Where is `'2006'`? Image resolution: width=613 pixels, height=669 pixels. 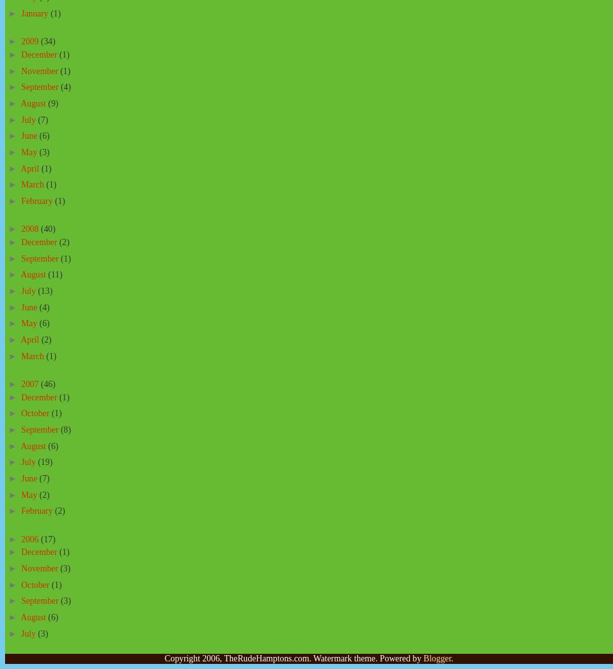
'2006' is located at coordinates (30, 538).